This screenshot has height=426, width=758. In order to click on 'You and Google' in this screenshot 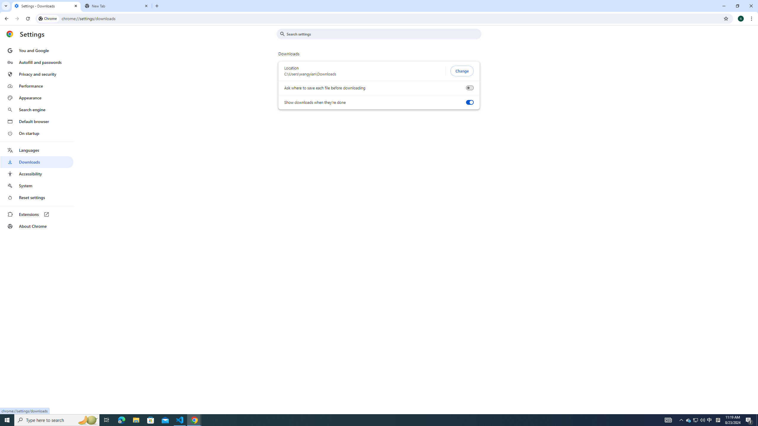, I will do `click(36, 51)`.